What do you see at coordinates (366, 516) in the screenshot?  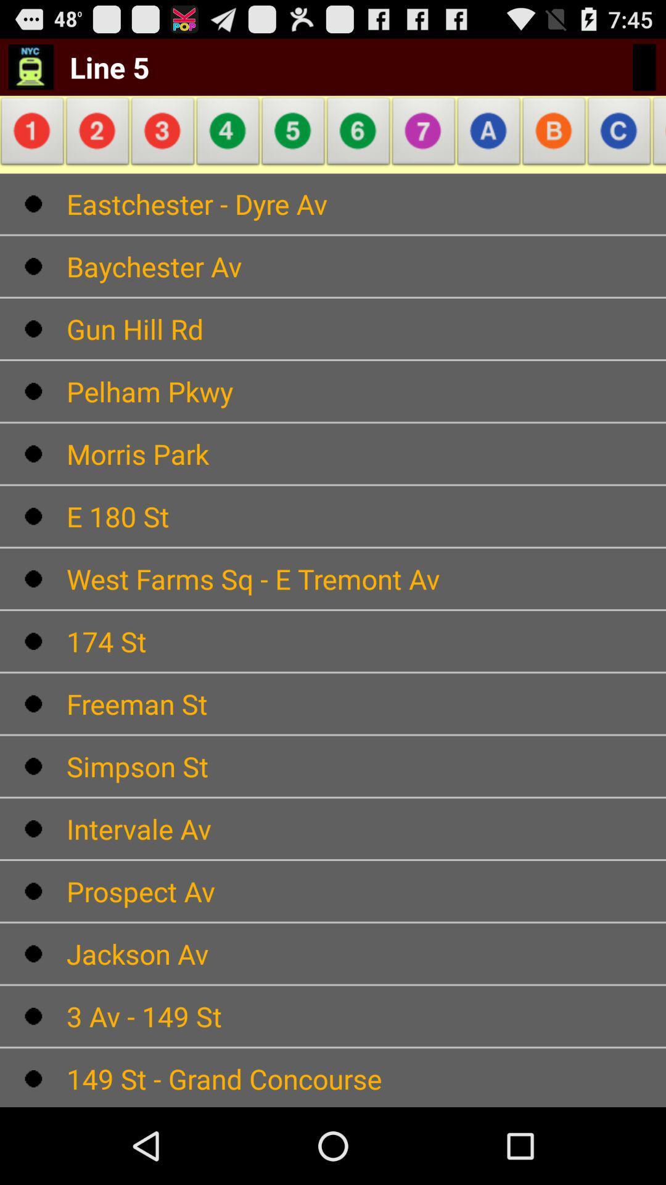 I see `e 180 st app` at bounding box center [366, 516].